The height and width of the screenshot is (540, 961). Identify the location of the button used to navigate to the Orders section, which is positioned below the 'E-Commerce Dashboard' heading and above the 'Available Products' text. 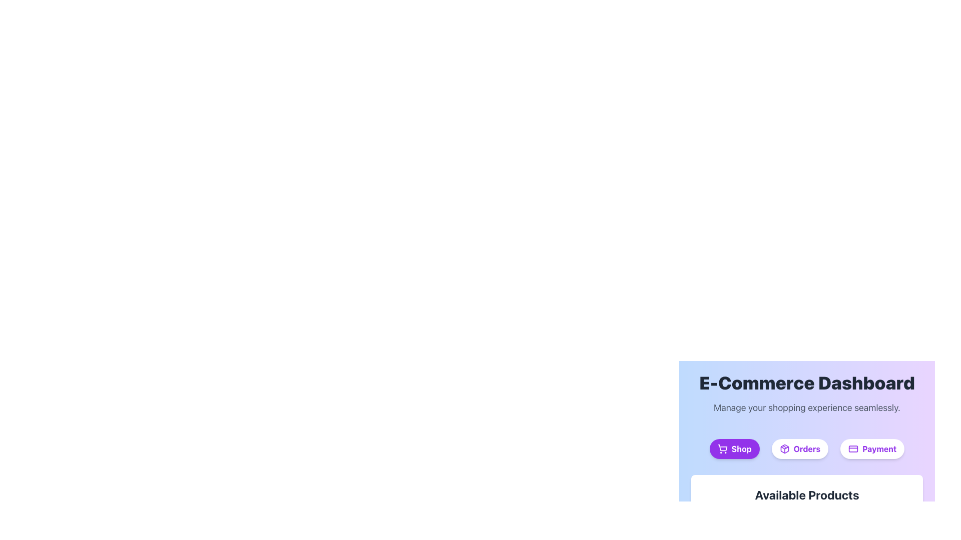
(799, 448).